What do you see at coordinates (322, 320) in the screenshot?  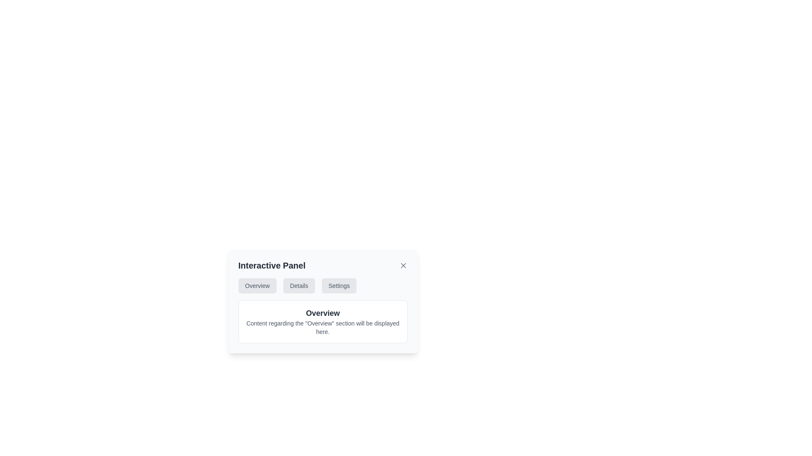 I see `the components within the popup panel that has a white background and rounded corners, which includes a navigation bar with options labeled 'Overview', 'Details', and 'Settings'` at bounding box center [322, 320].